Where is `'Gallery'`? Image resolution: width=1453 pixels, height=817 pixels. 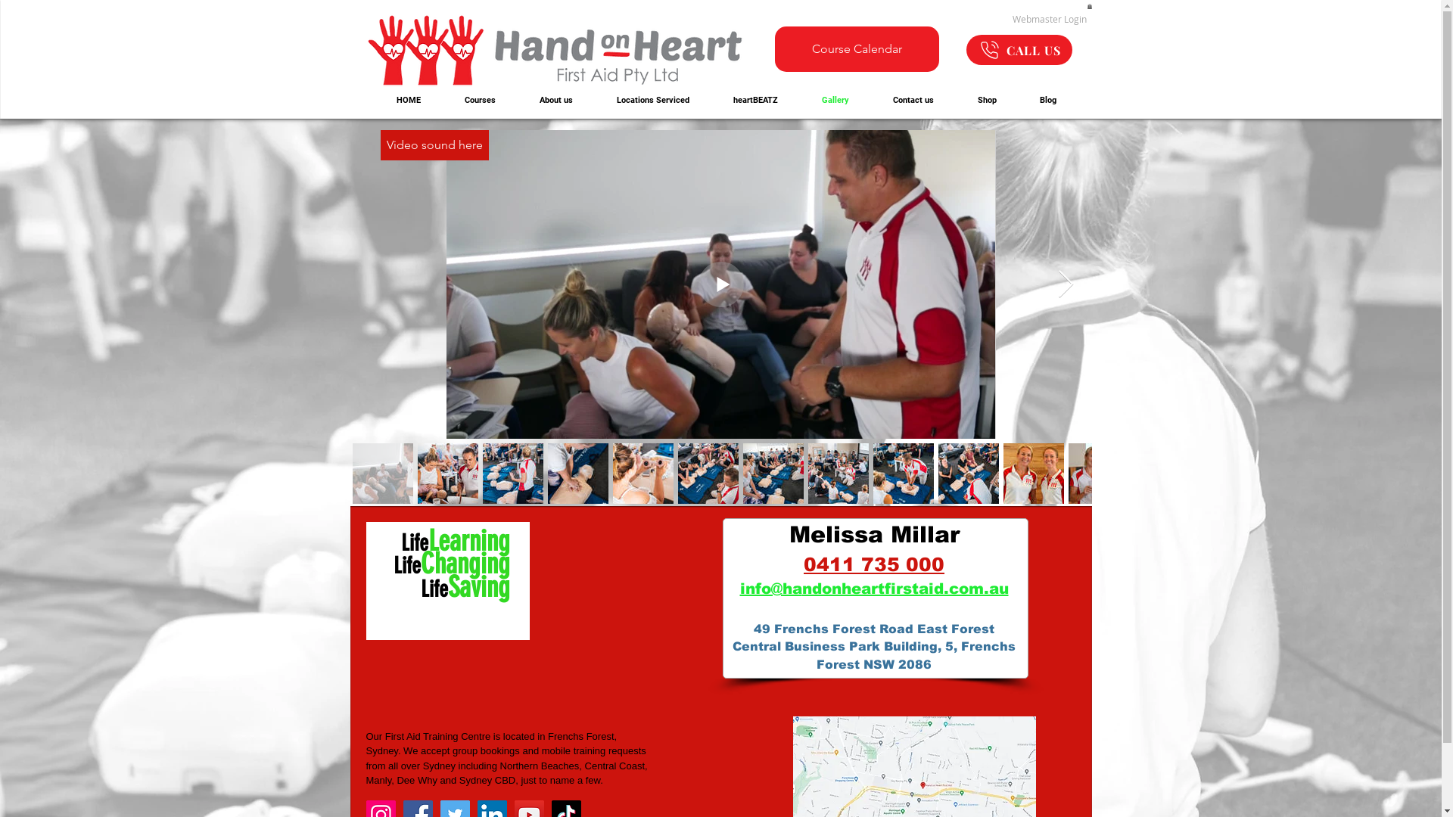 'Gallery' is located at coordinates (834, 100).